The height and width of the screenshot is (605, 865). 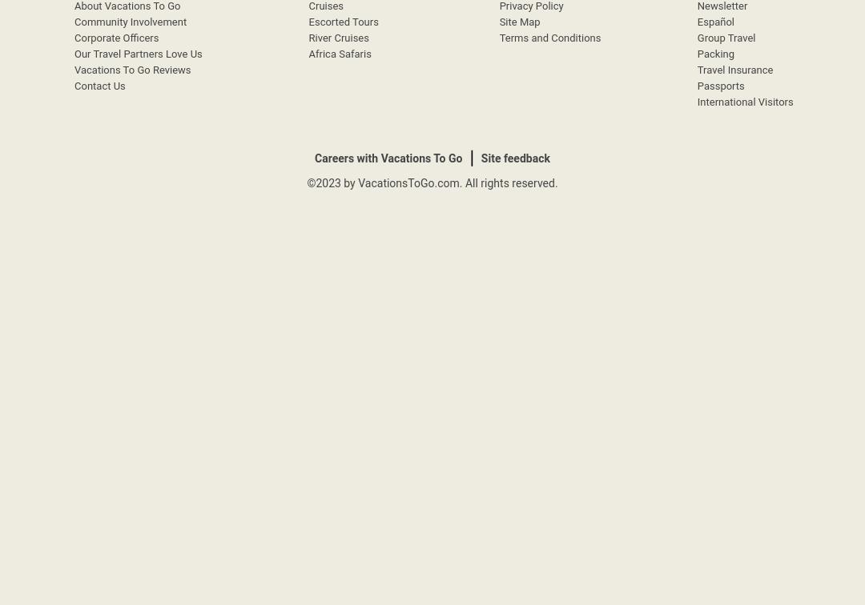 What do you see at coordinates (115, 38) in the screenshot?
I see `'Corporate Officers'` at bounding box center [115, 38].